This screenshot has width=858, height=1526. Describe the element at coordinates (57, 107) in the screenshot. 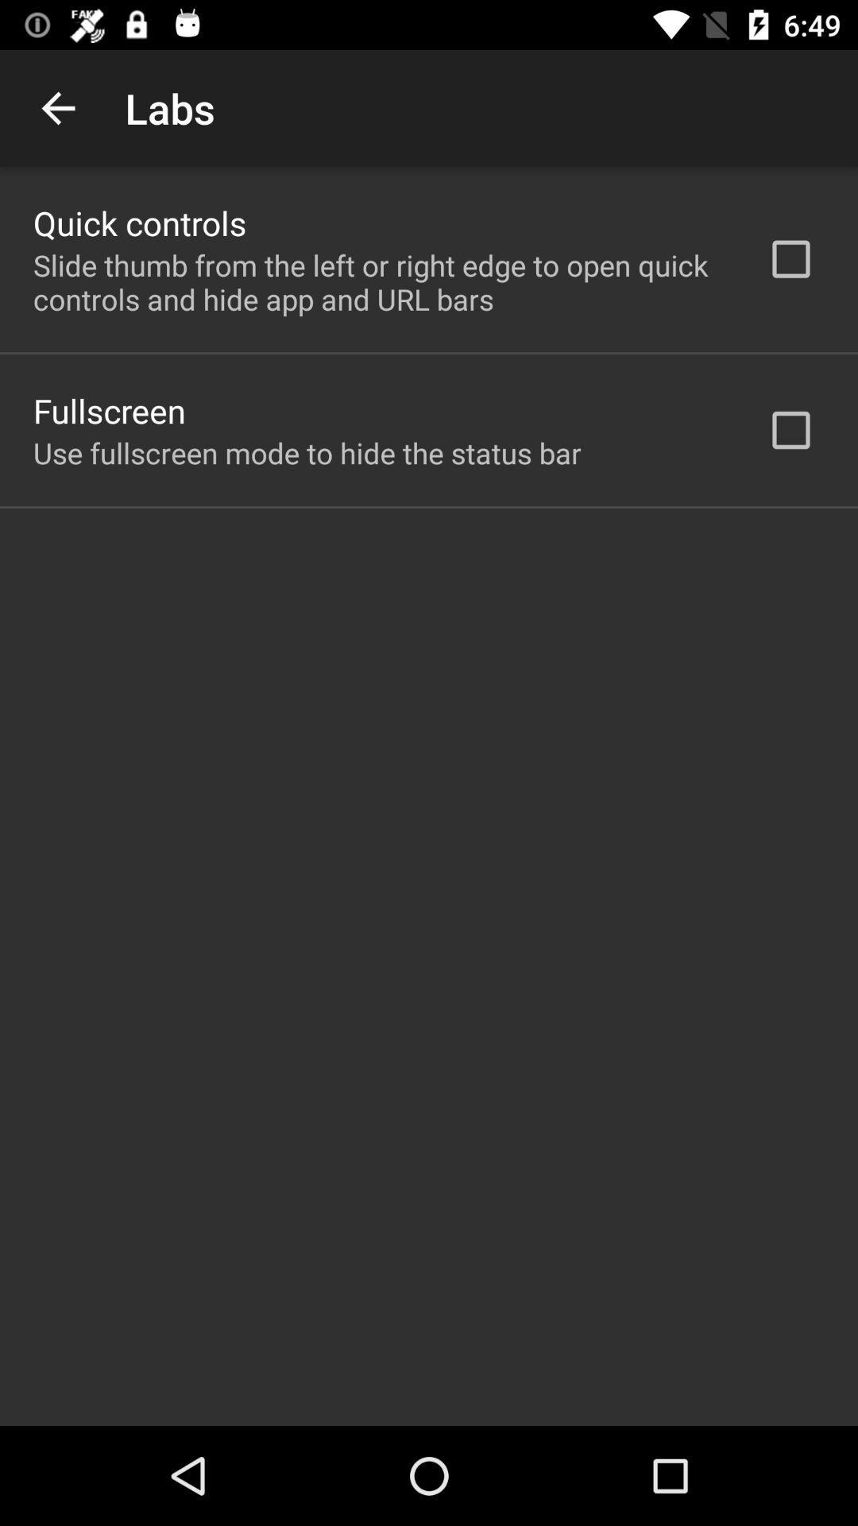

I see `icon to the left of the labs app` at that location.